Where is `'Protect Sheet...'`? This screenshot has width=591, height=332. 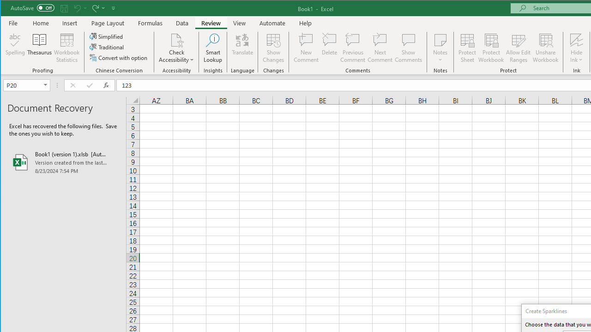
'Protect Sheet...' is located at coordinates (467, 48).